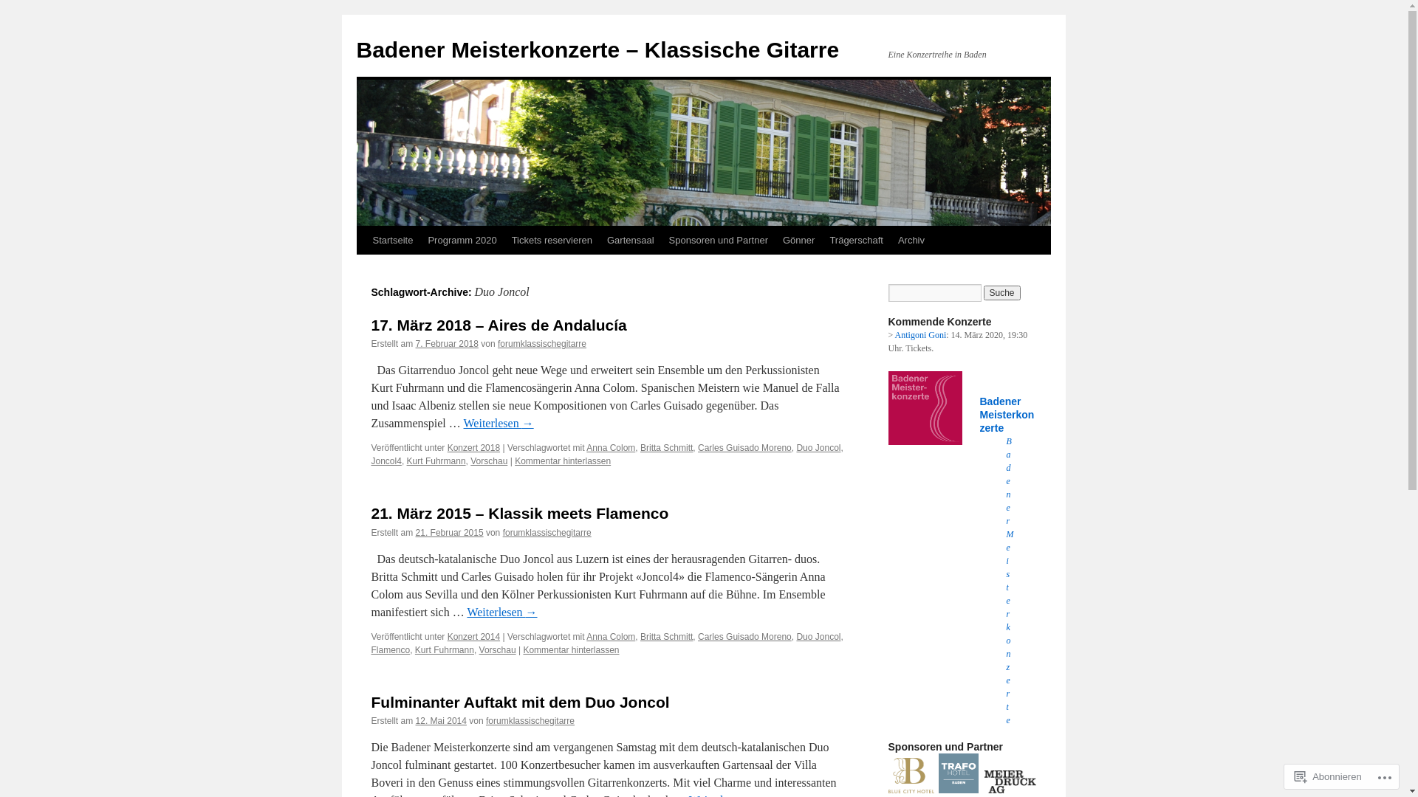  Describe the element at coordinates (446, 446) in the screenshot. I see `'Konzert 2018'` at that location.